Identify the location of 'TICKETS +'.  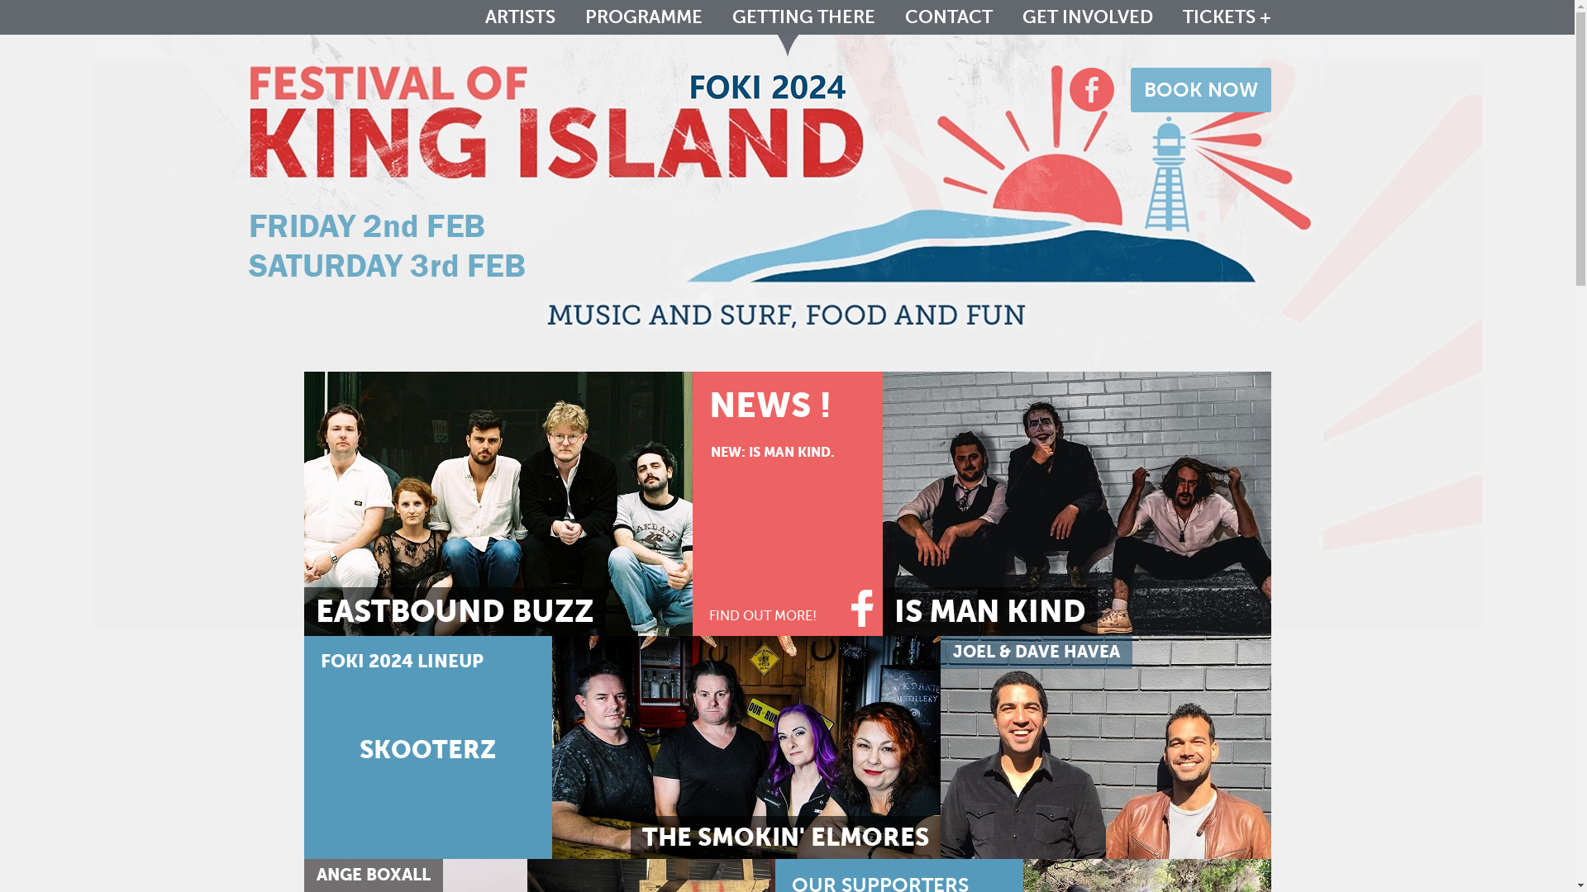
(1226, 17).